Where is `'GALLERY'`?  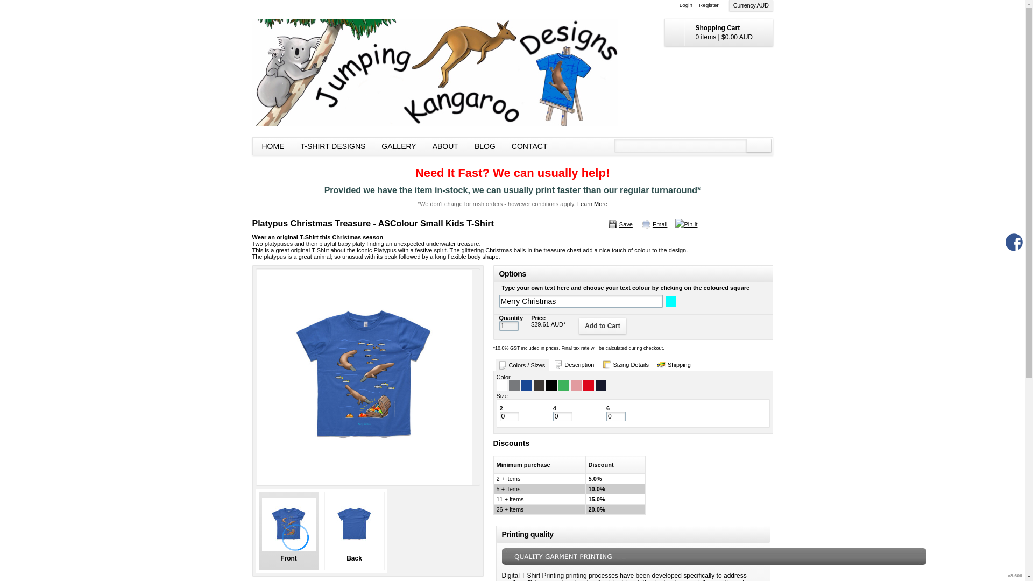
'GALLERY' is located at coordinates (398, 146).